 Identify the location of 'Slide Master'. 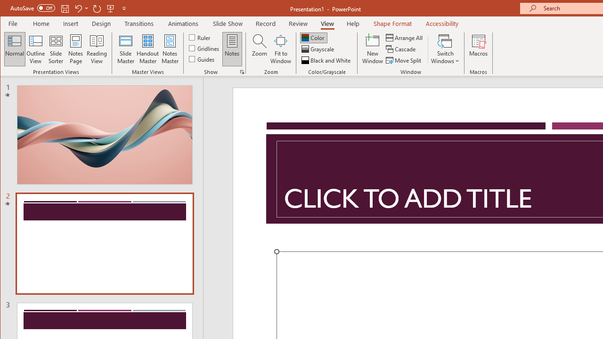
(125, 49).